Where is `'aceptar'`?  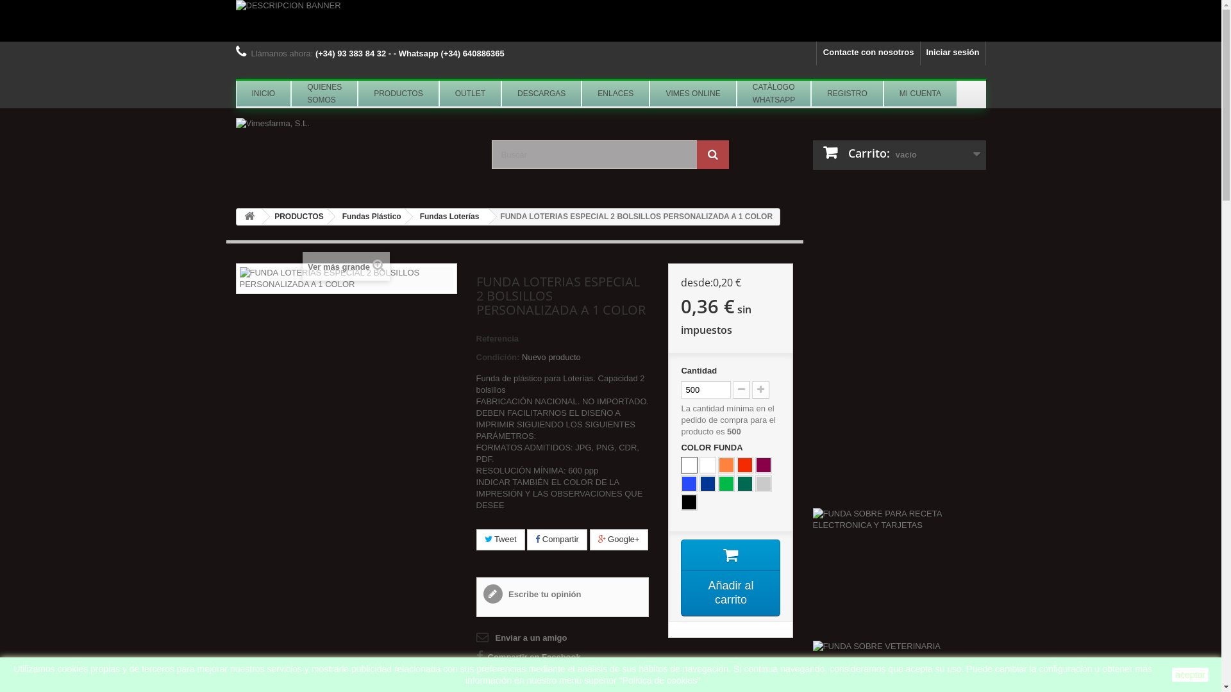
'aceptar' is located at coordinates (1189, 674).